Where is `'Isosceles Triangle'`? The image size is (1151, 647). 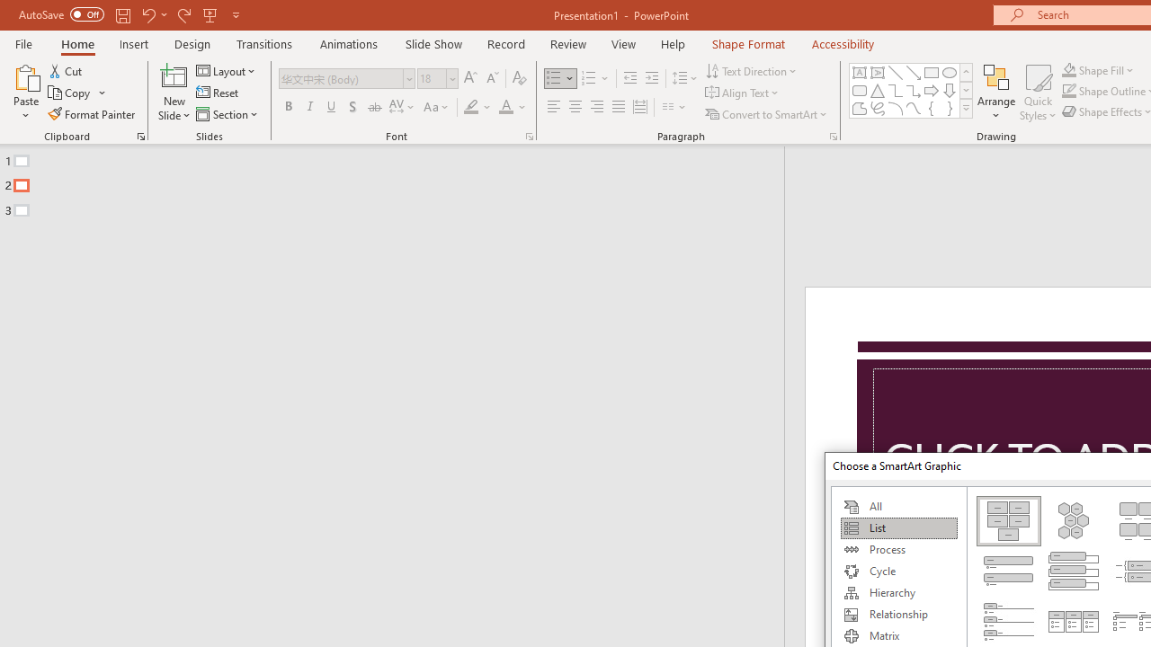 'Isosceles Triangle' is located at coordinates (878, 90).